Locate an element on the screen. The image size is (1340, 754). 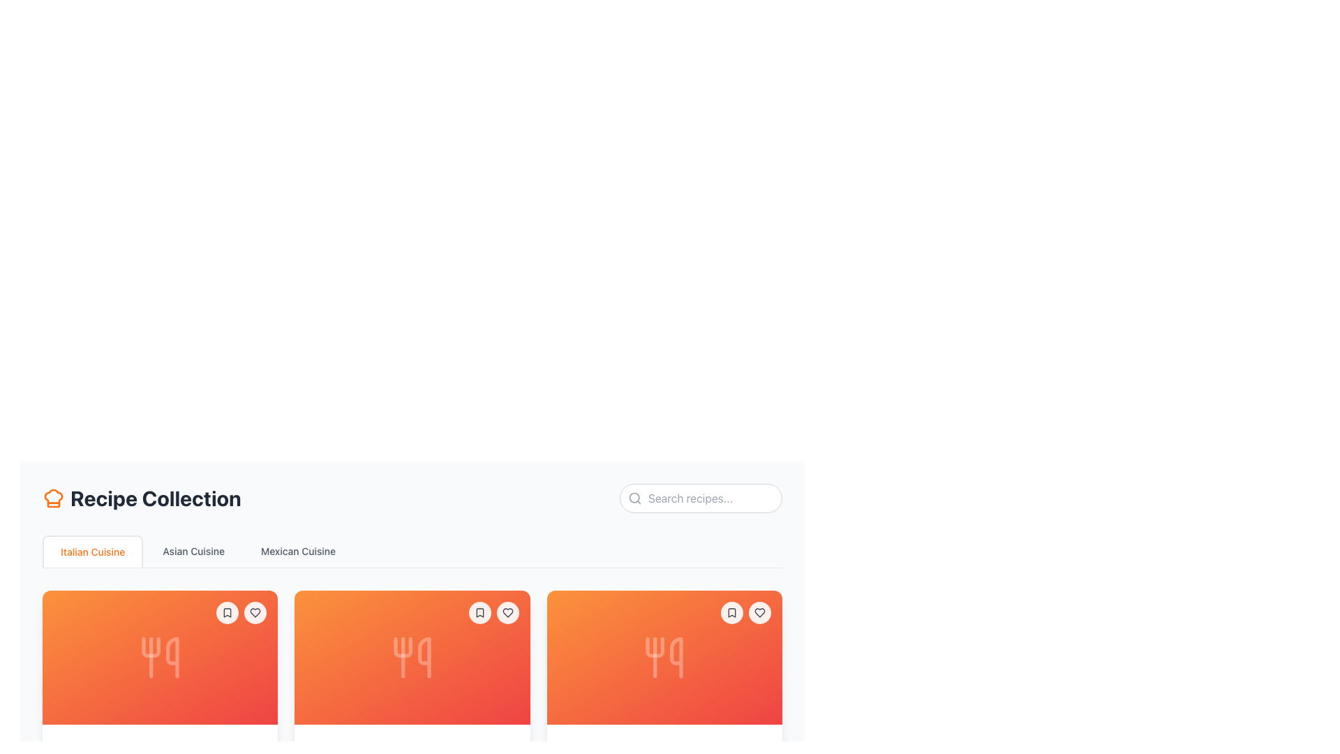
the heart icon on the right circular button within the button group located in the top-right corner of the first orange gradient box in the 'Italian Cuisine' section is located at coordinates (241, 612).